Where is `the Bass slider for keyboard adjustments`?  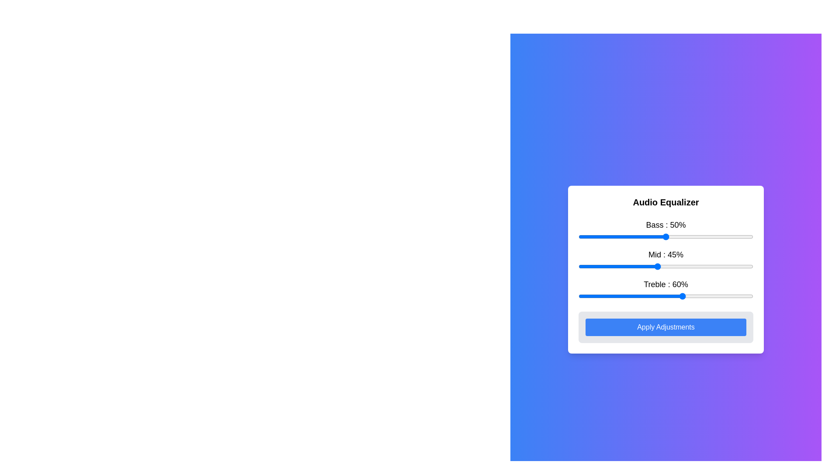
the Bass slider for keyboard adjustments is located at coordinates (665, 237).